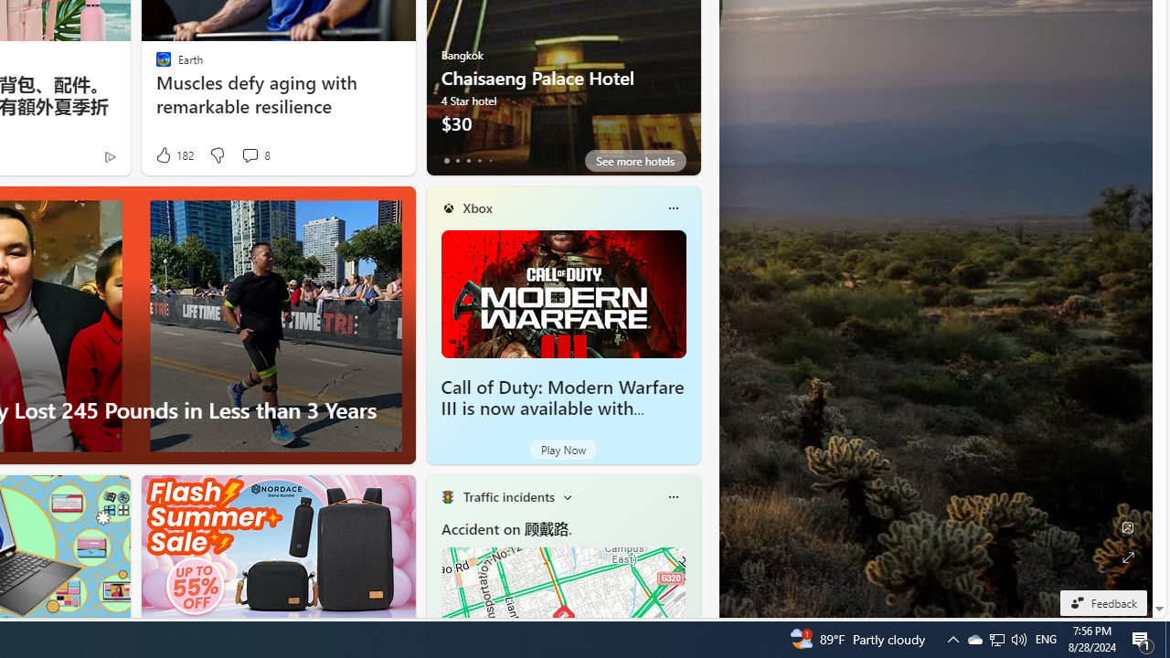  What do you see at coordinates (635, 160) in the screenshot?
I see `'See more hotels'` at bounding box center [635, 160].